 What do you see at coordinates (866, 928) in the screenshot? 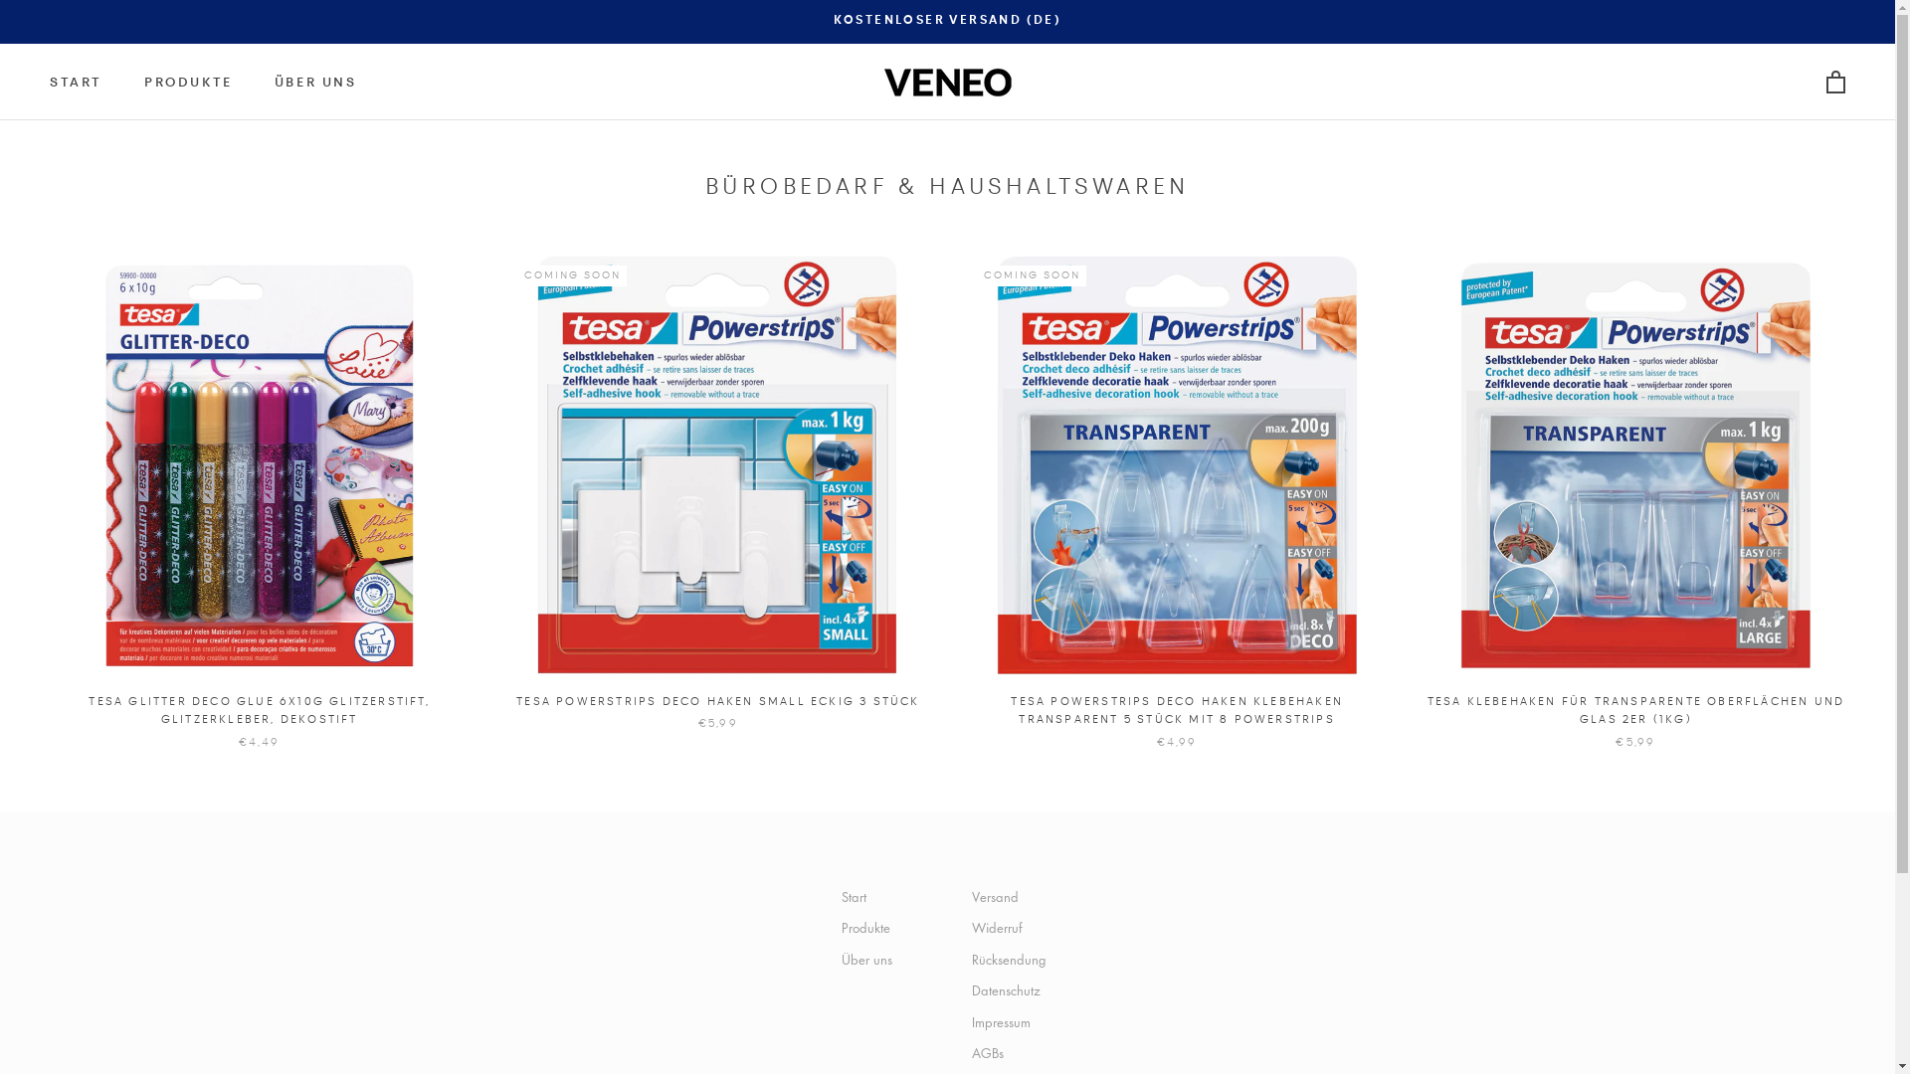
I see `'Produkte'` at bounding box center [866, 928].